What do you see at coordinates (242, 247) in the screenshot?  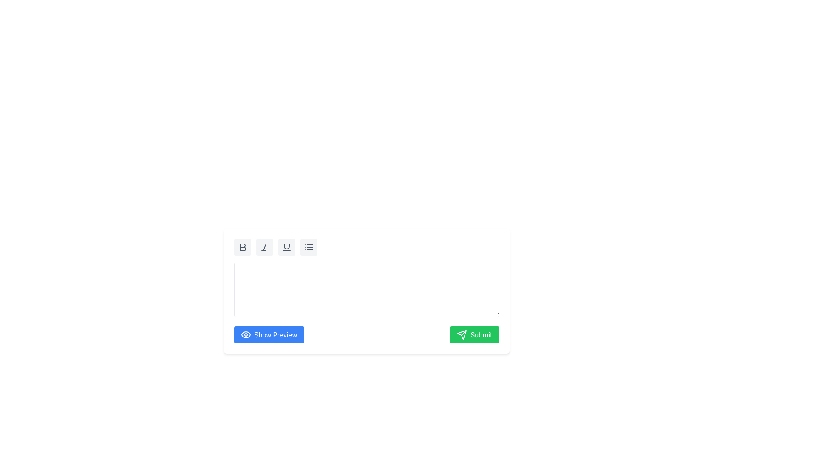 I see `the bold formatting button located at the top-left corner of the text editor` at bounding box center [242, 247].